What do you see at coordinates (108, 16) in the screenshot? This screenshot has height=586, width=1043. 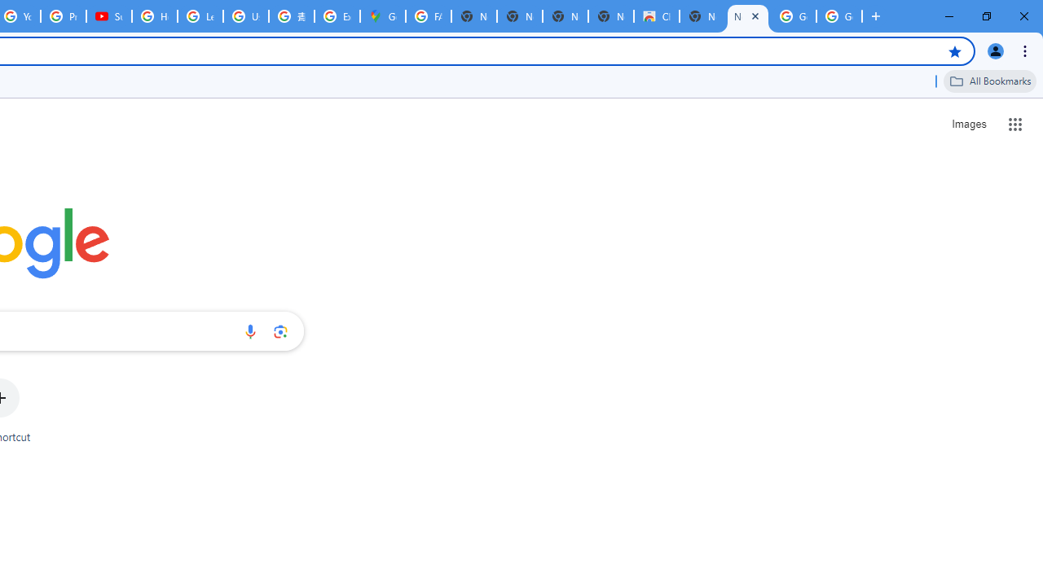 I see `'Subscriptions - YouTube'` at bounding box center [108, 16].